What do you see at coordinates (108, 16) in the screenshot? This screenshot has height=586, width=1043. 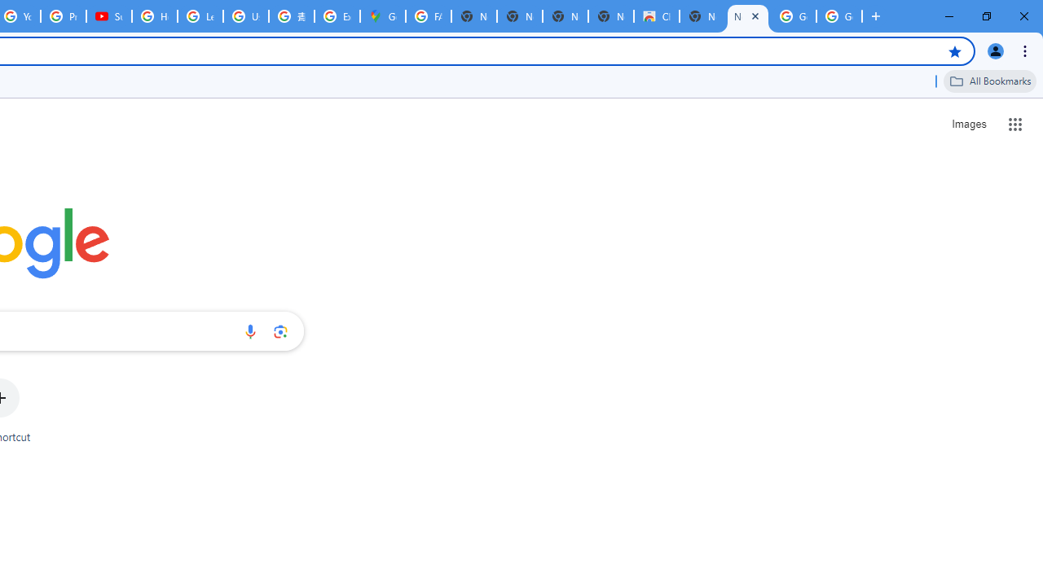 I see `'Subscriptions - YouTube'` at bounding box center [108, 16].